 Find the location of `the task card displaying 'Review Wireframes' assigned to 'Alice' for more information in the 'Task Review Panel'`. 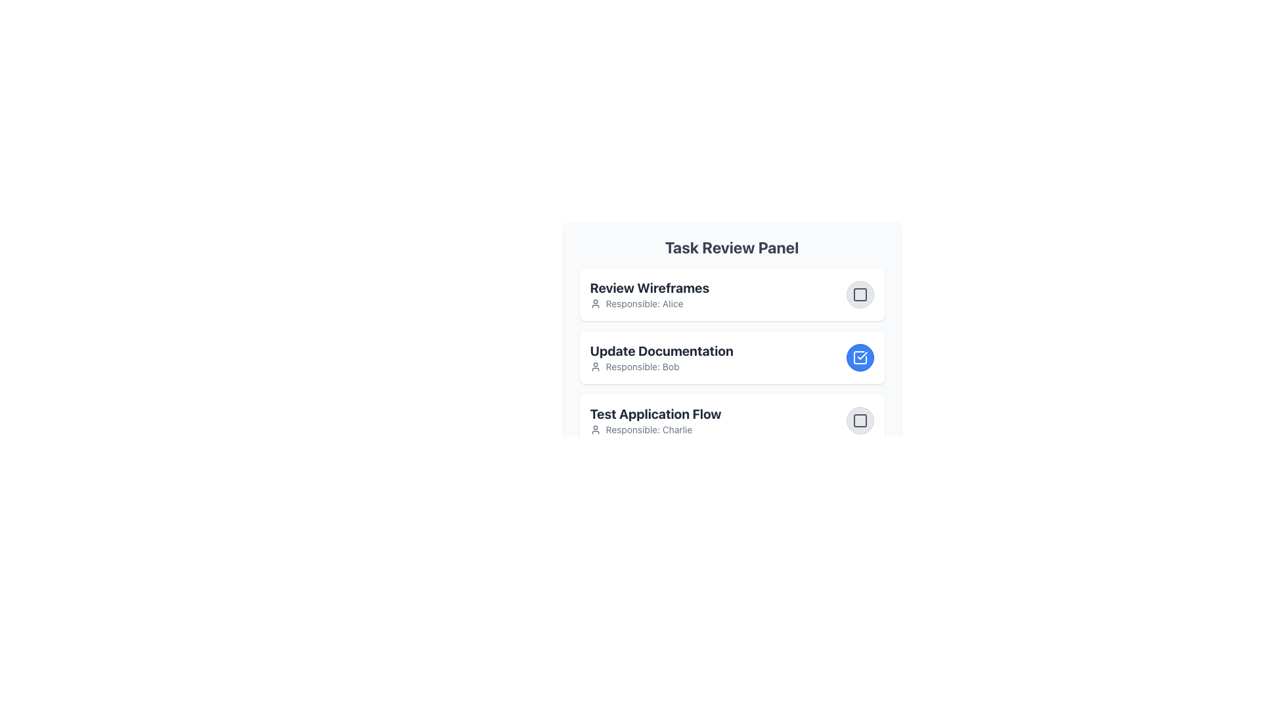

the task card displaying 'Review Wireframes' assigned to 'Alice' for more information in the 'Task Review Panel' is located at coordinates (731, 293).